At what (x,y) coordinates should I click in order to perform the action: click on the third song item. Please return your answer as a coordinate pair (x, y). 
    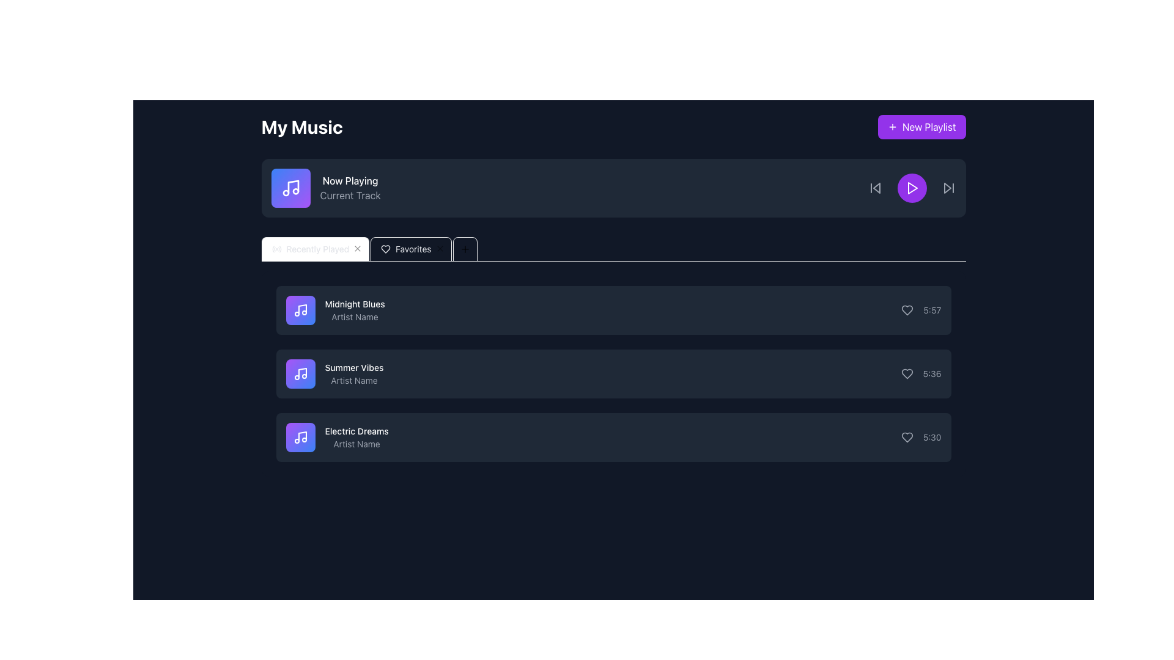
    Looking at the image, I should click on (613, 437).